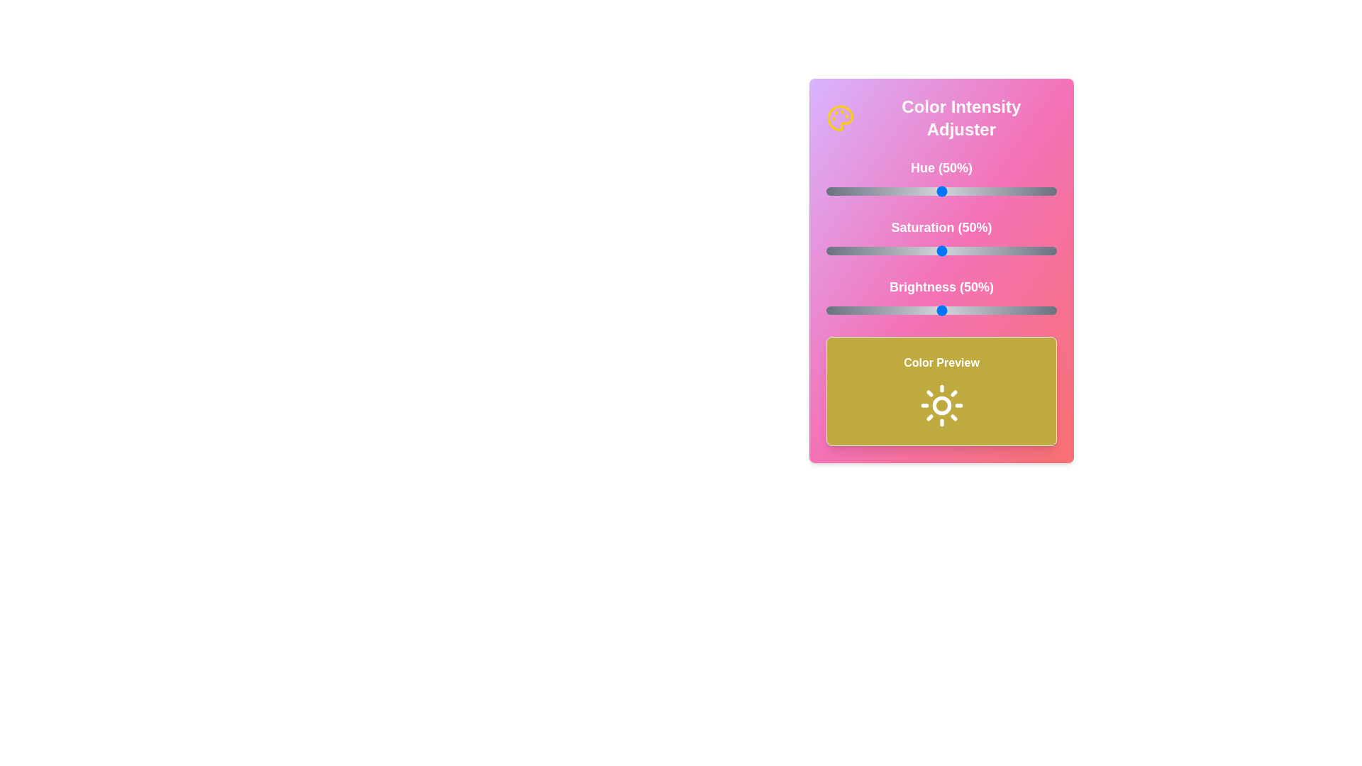  I want to click on the saturation slider to 50%, so click(941, 250).